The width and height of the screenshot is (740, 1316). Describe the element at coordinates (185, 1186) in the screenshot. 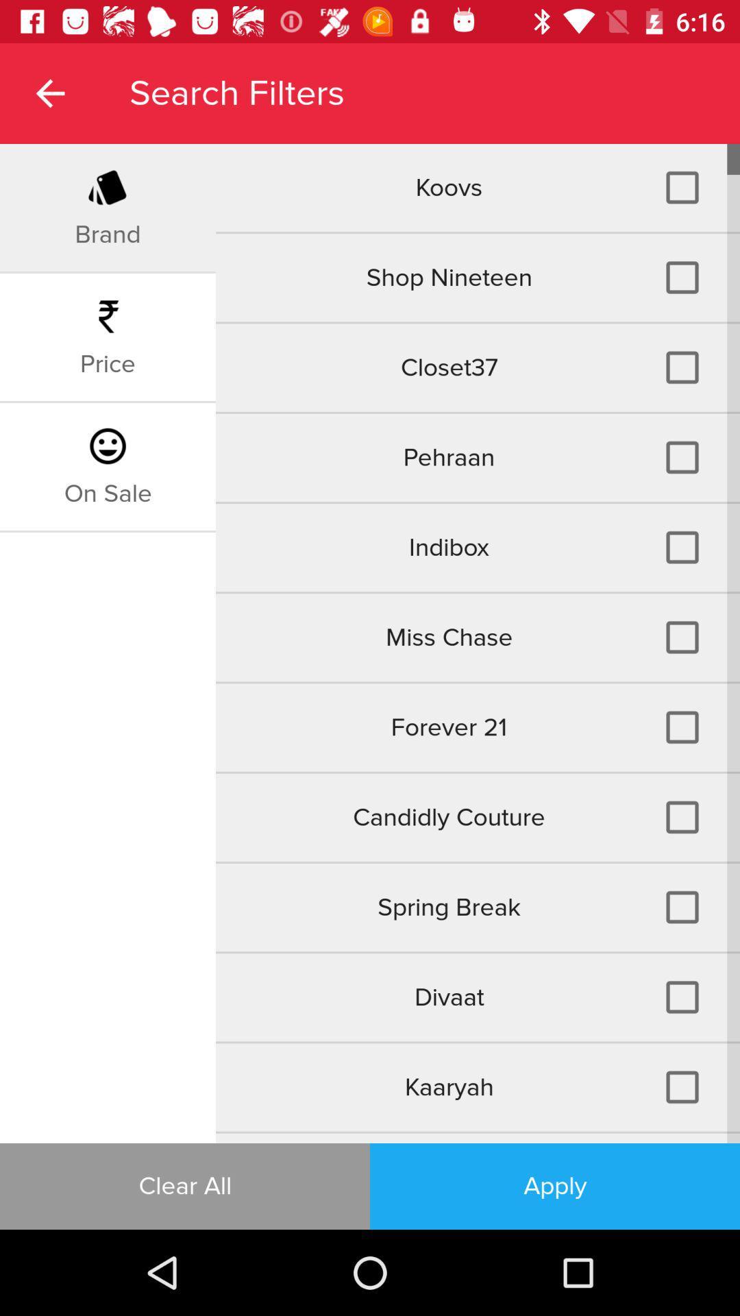

I see `clear all` at that location.